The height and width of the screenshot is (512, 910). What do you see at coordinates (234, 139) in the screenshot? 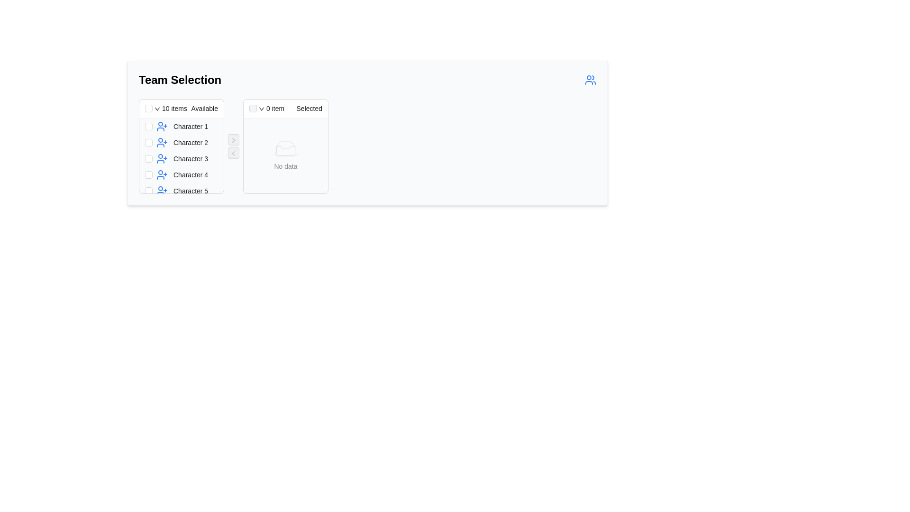
I see `the right-facing arrow icon button located at the center of the interface` at bounding box center [234, 139].